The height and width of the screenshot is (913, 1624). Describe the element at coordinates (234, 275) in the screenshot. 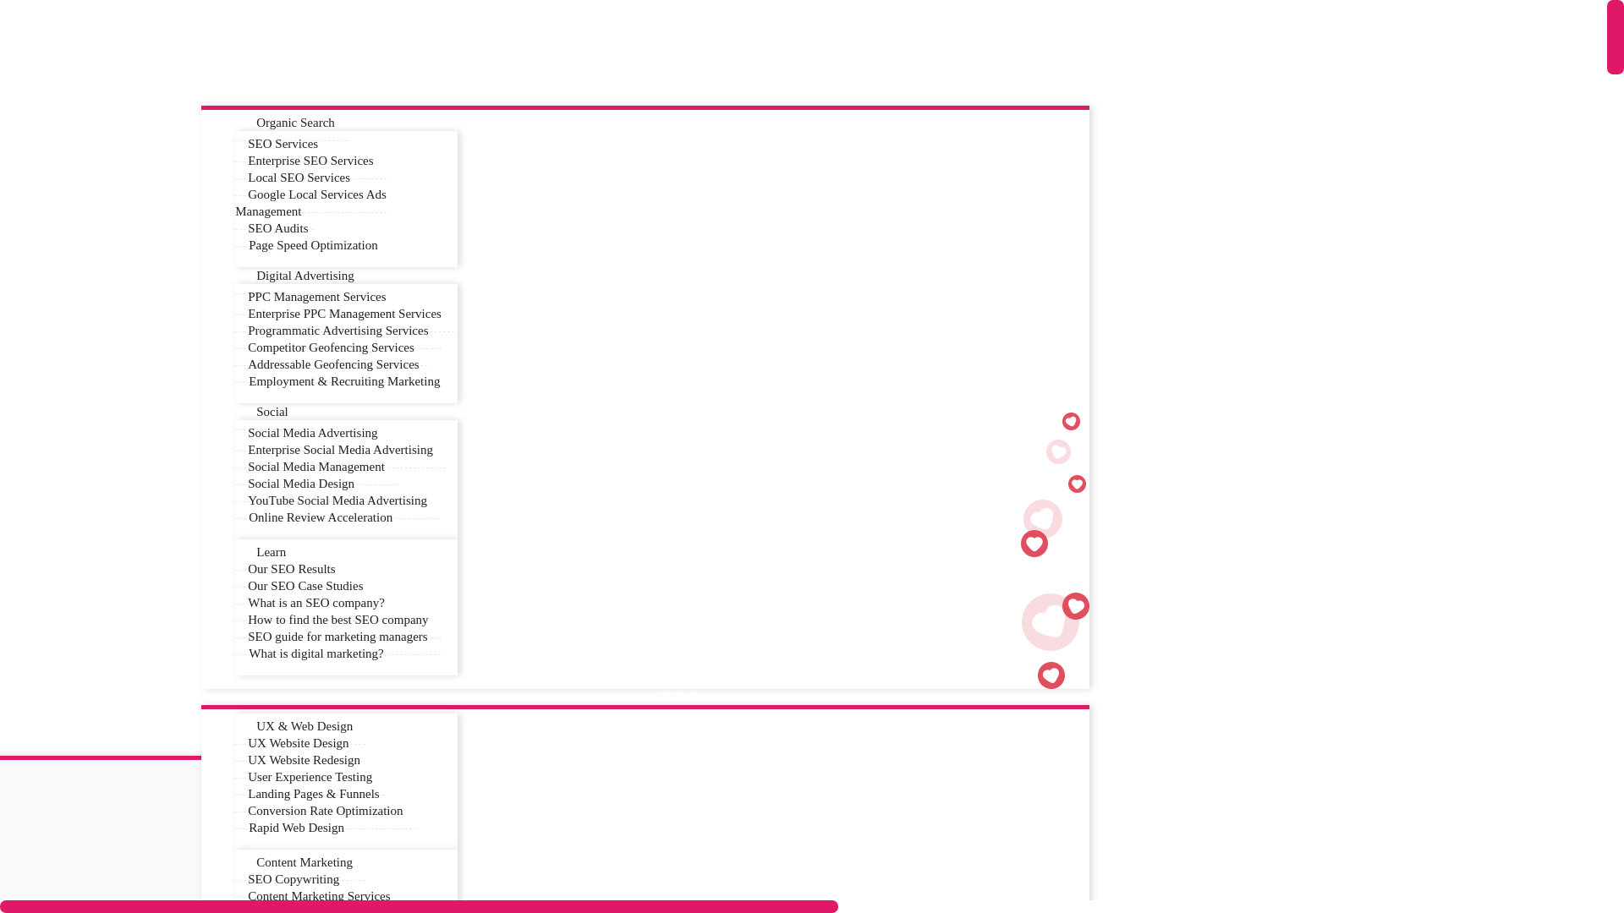

I see `'Digital Advertising'` at that location.